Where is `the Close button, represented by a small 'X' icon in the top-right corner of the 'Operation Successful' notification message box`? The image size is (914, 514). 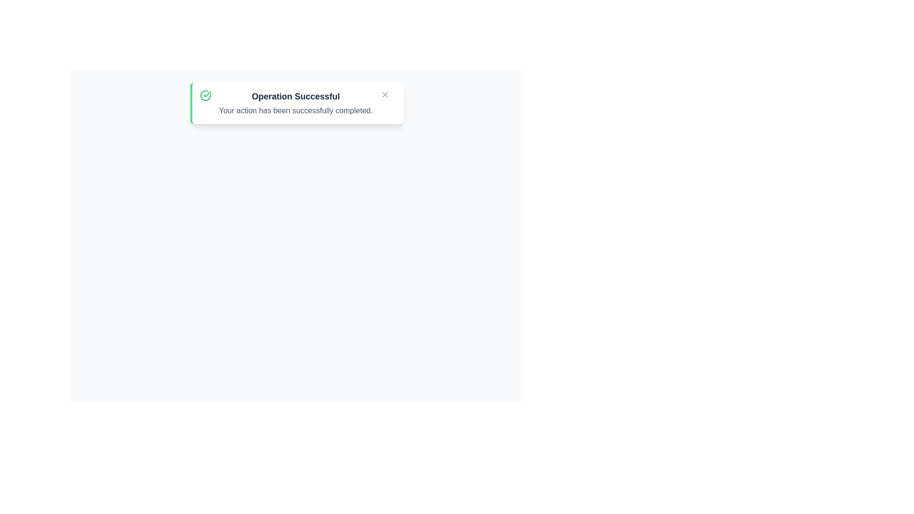
the Close button, represented by a small 'X' icon in the top-right corner of the 'Operation Successful' notification message box is located at coordinates (385, 95).